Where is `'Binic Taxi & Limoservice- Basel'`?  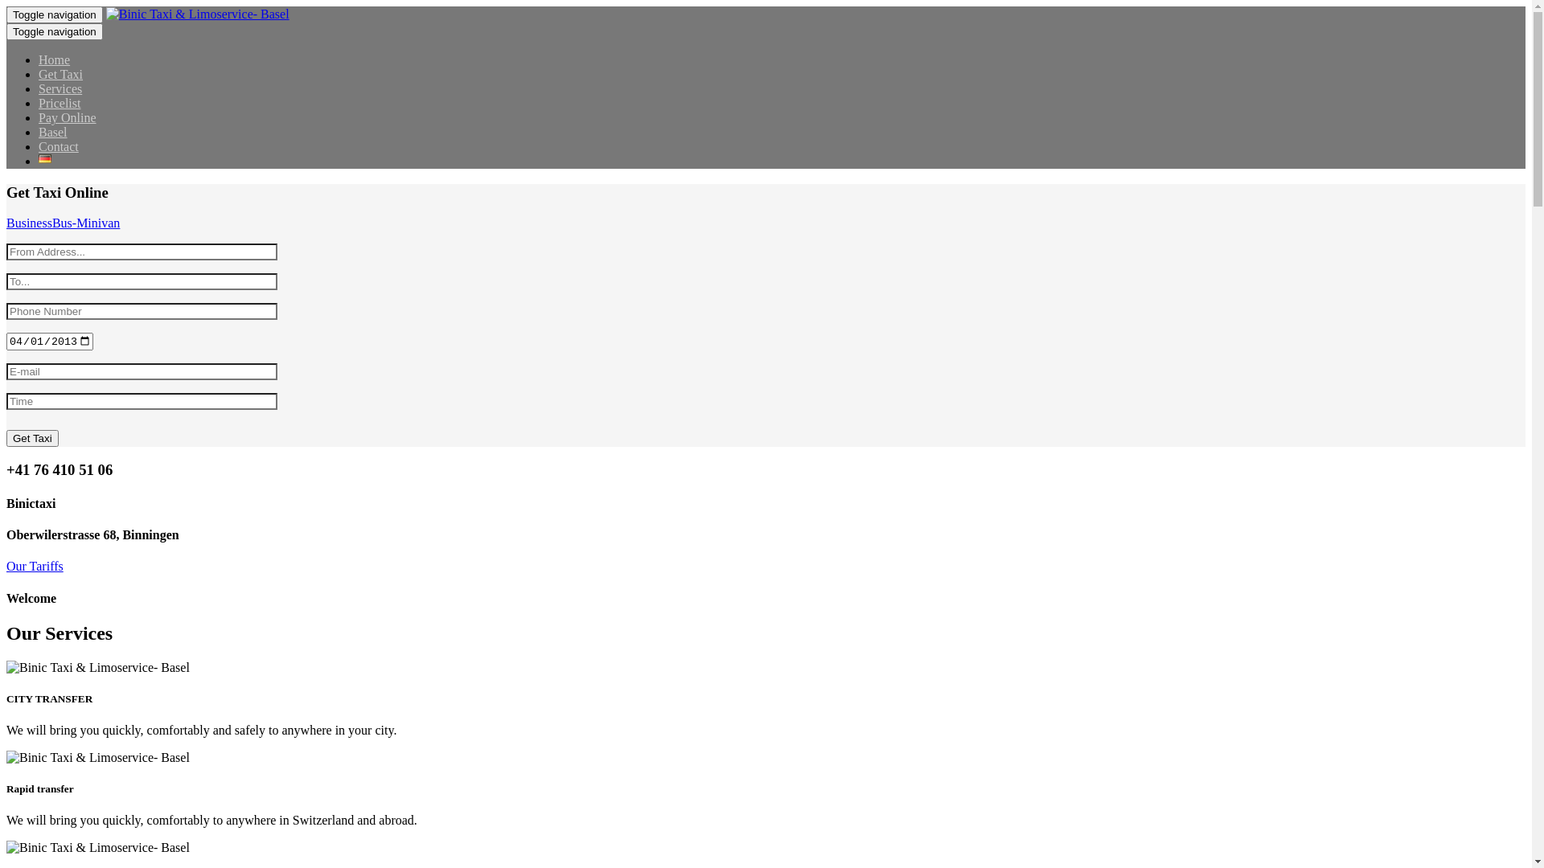
'Binic Taxi & Limoservice- Basel' is located at coordinates (96, 667).